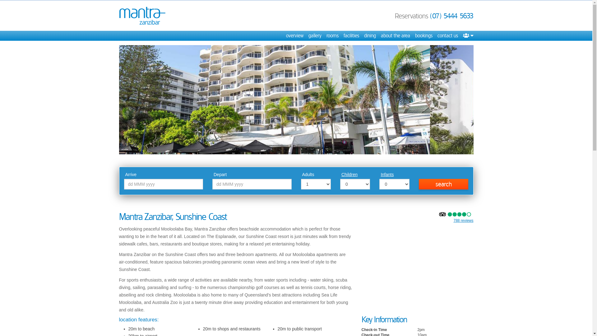 The image size is (597, 336). I want to click on 'rooms', so click(326, 36).